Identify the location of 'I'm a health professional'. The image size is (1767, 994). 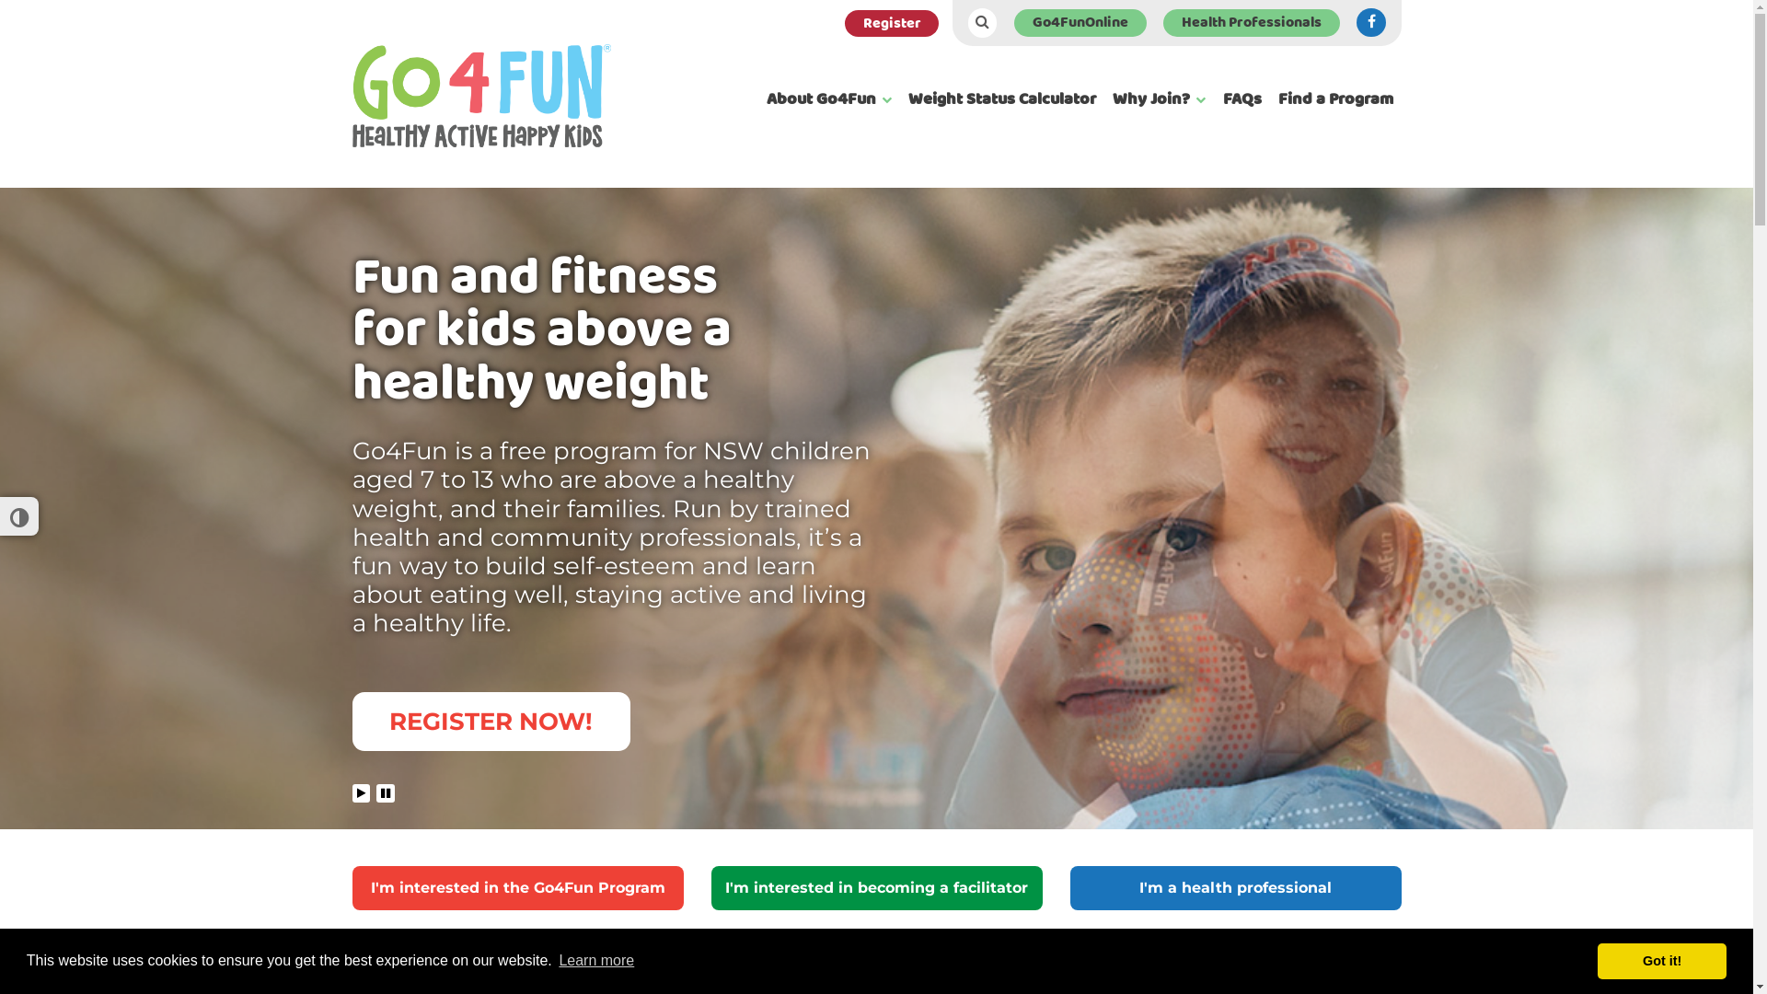
(1235, 886).